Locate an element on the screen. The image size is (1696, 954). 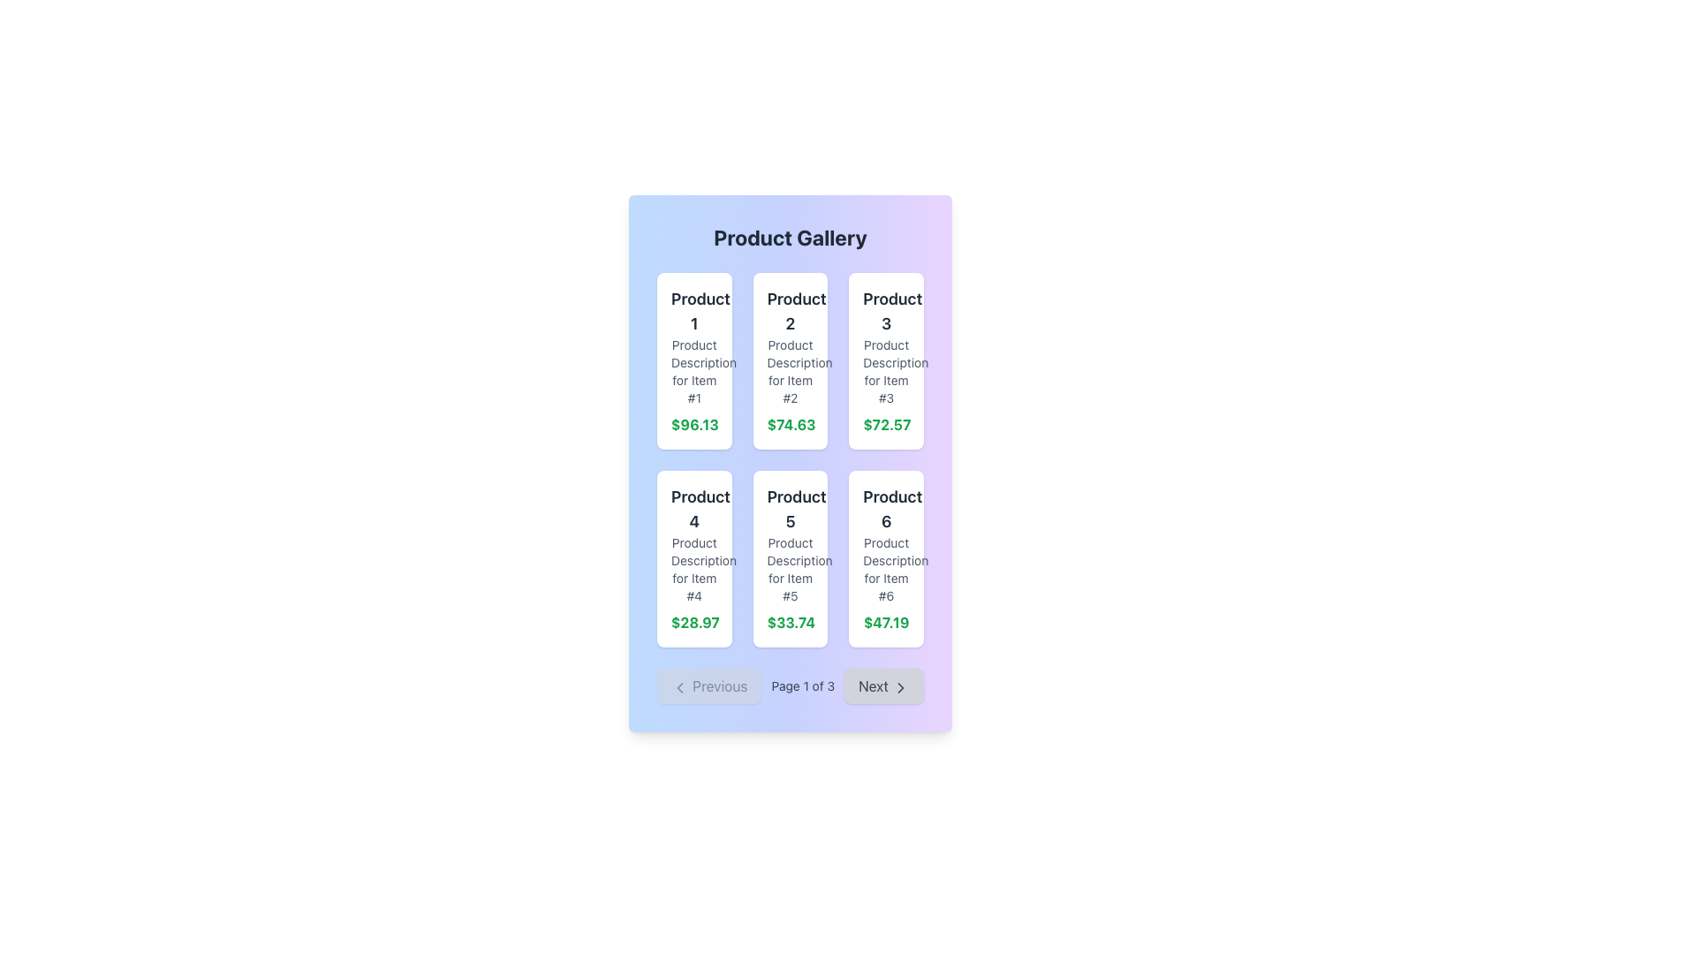
the text label displaying 'Product 6' in the bottom-right product card of the grid layout within the 'Product Gallery' section is located at coordinates (886, 510).